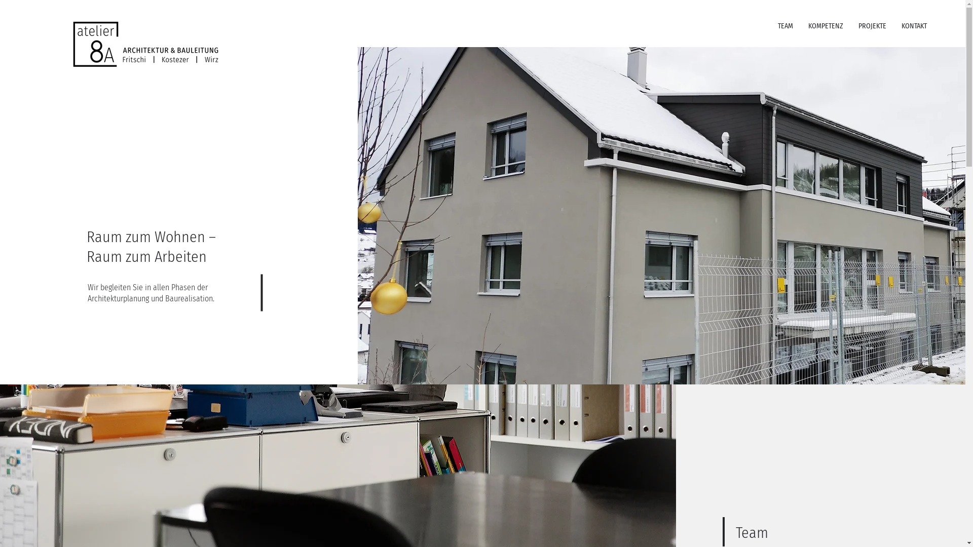  I want to click on 'KOMPETENZ', so click(800, 25).